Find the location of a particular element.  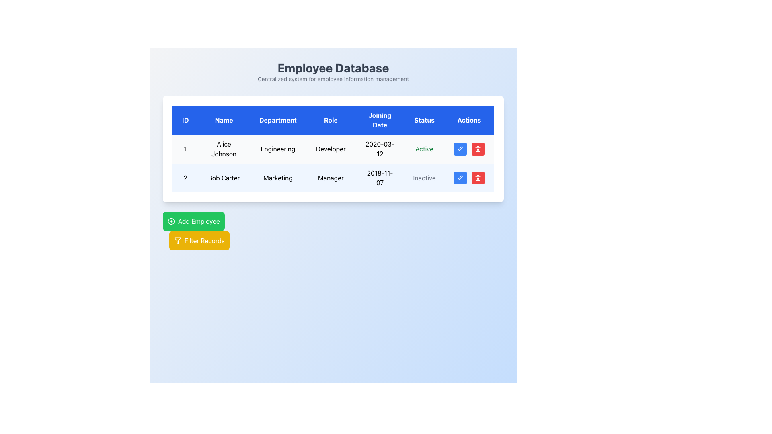

the Text label indicating the unique identifier for the corresponding employee in the second row of the Employee Database table is located at coordinates (185, 178).